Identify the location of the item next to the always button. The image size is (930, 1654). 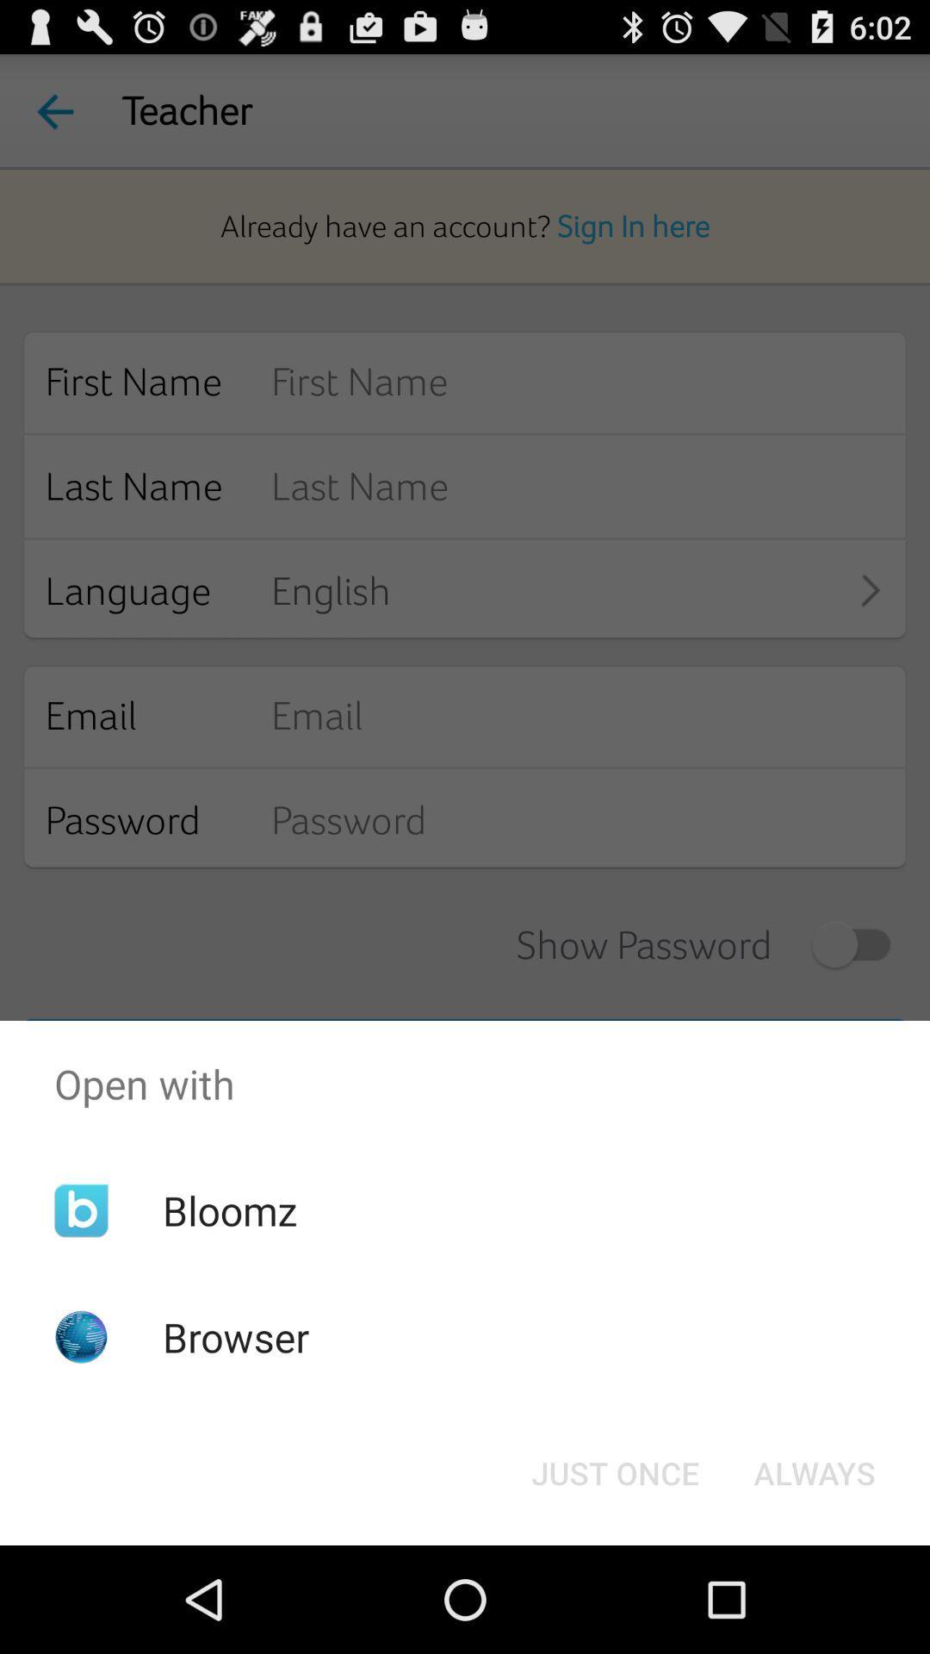
(614, 1471).